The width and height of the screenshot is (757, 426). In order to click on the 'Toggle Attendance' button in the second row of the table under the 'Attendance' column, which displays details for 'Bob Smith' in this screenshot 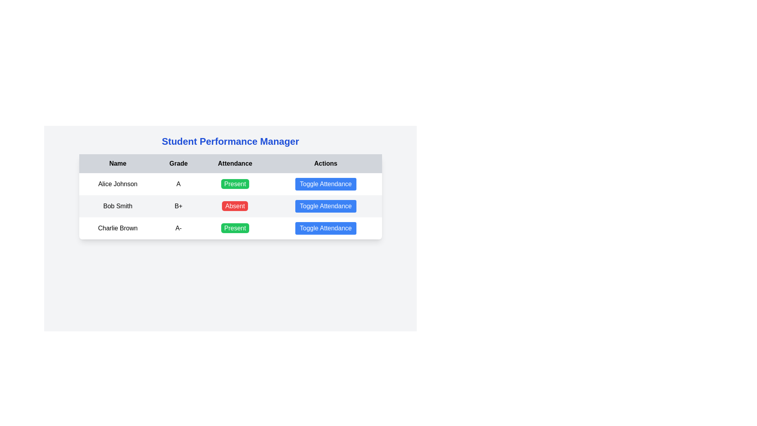, I will do `click(230, 196)`.